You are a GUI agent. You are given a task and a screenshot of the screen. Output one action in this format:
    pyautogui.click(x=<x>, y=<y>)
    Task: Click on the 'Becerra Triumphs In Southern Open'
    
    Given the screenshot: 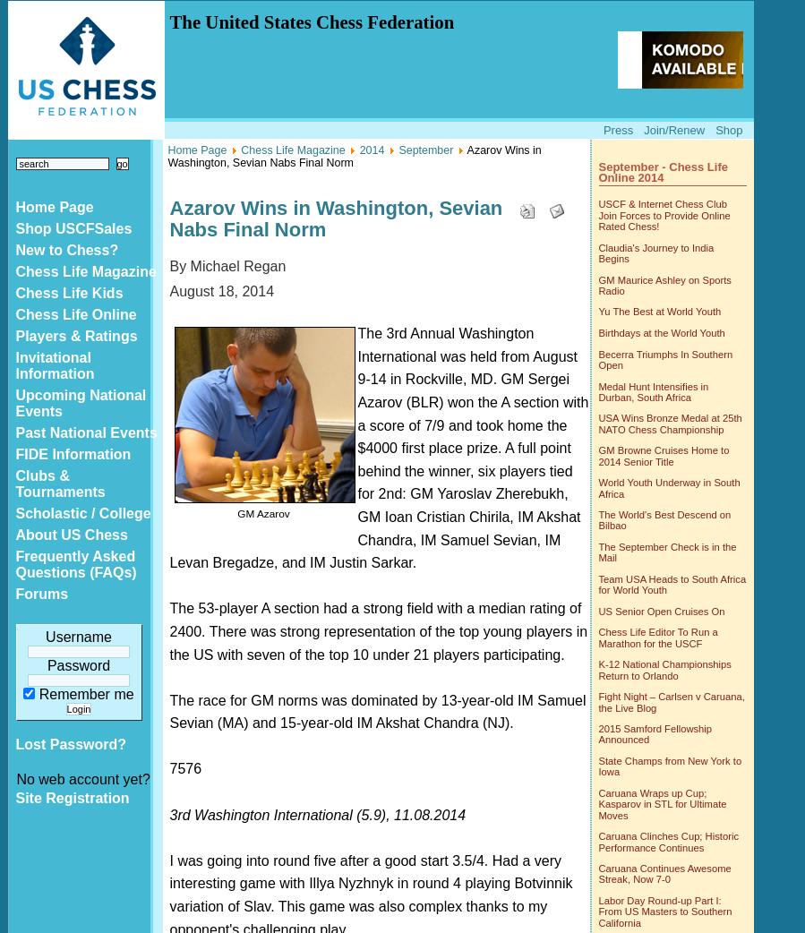 What is the action you would take?
    pyautogui.click(x=664, y=357)
    